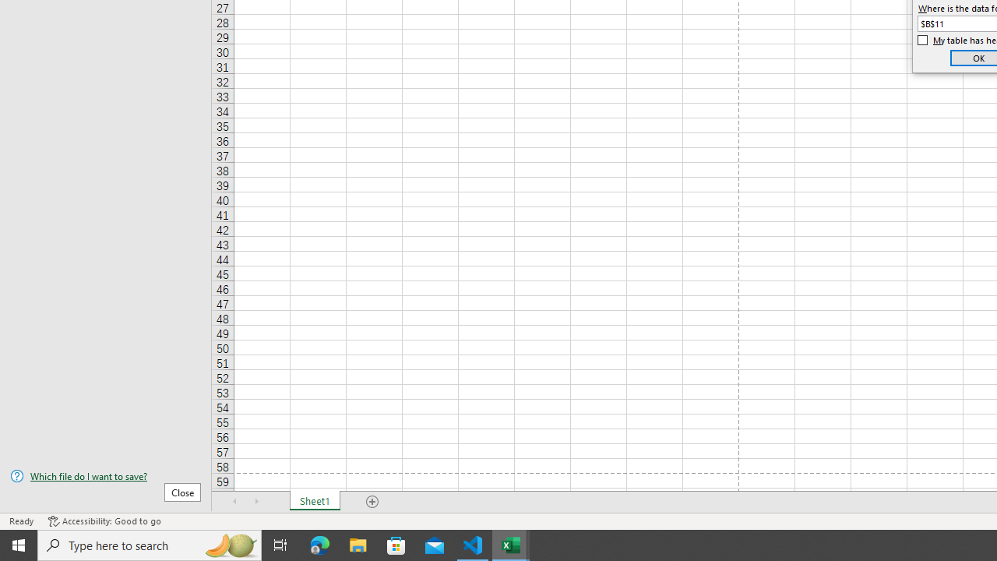 The width and height of the screenshot is (997, 561). Describe the element at coordinates (234, 502) in the screenshot. I see `'Scroll Left'` at that location.